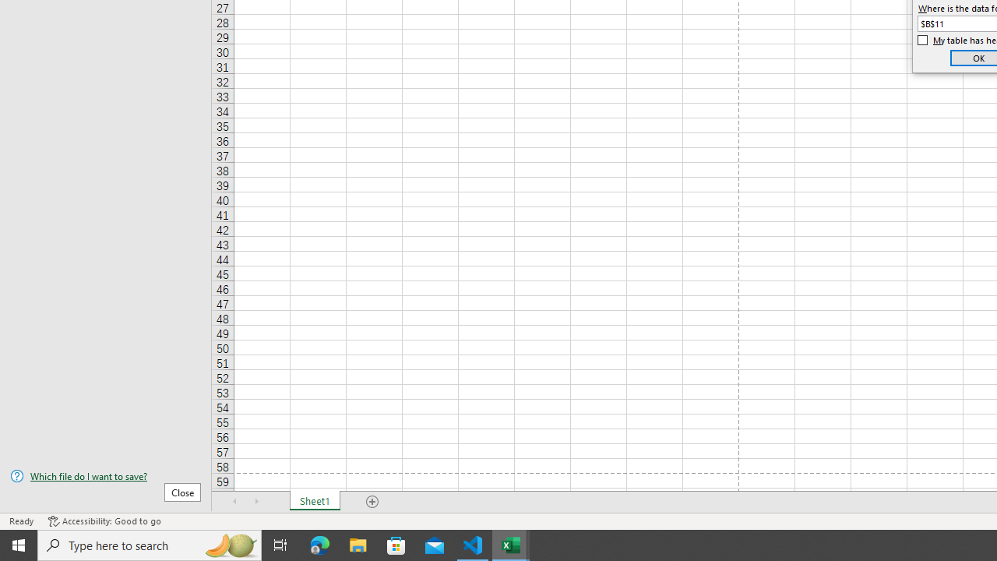 The width and height of the screenshot is (997, 561). Describe the element at coordinates (234, 502) in the screenshot. I see `'Scroll Left'` at that location.